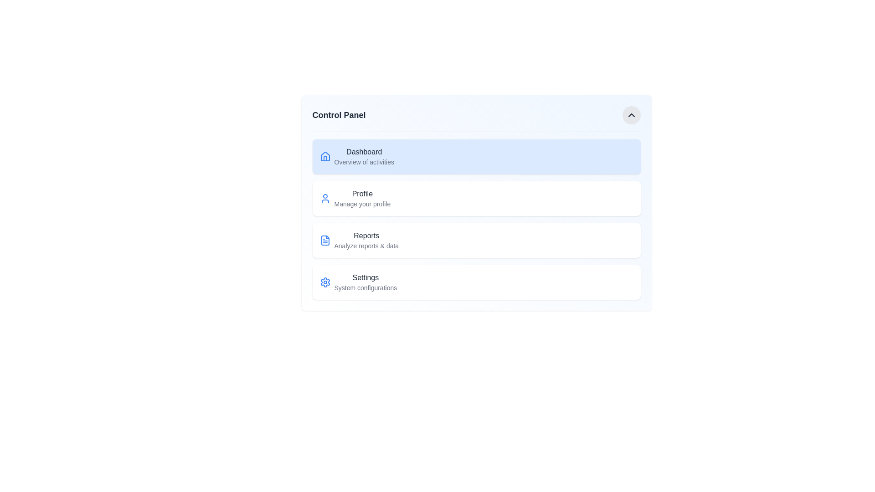 The height and width of the screenshot is (492, 875). I want to click on the blue user outline icon located in the Profile section of the Control Panel interface, positioned to the left of the 'Profile' label, so click(325, 198).